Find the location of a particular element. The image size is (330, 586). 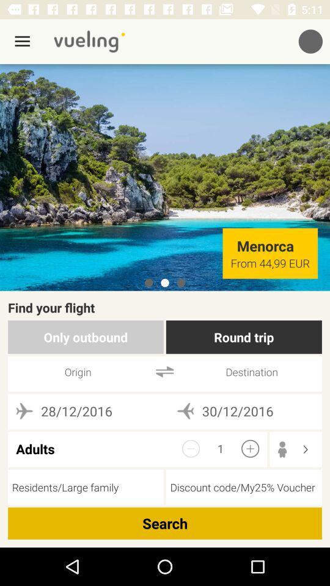

the compare icon is located at coordinates (164, 371).